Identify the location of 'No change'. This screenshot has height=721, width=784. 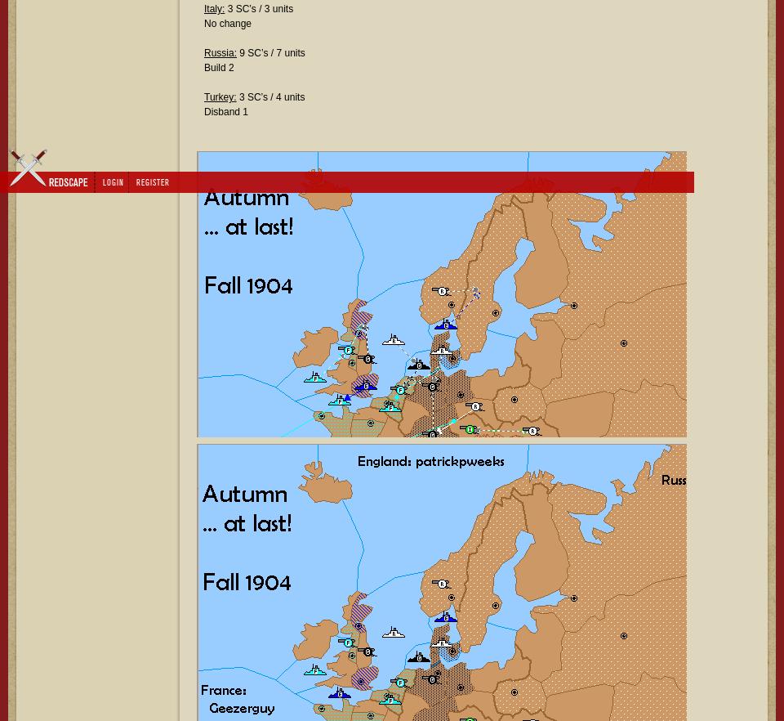
(226, 24).